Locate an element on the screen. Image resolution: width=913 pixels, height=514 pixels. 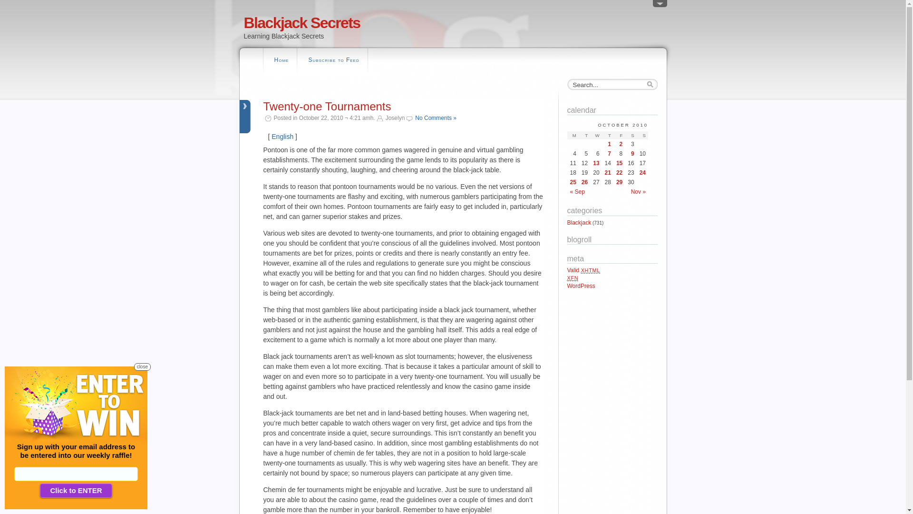
'Home' is located at coordinates (281, 61).